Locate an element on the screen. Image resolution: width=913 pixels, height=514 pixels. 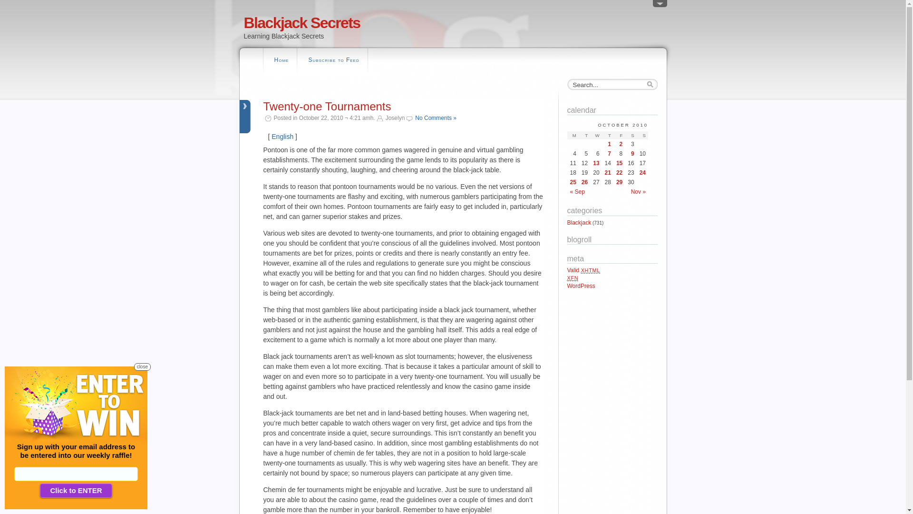
'Home' is located at coordinates (281, 61).